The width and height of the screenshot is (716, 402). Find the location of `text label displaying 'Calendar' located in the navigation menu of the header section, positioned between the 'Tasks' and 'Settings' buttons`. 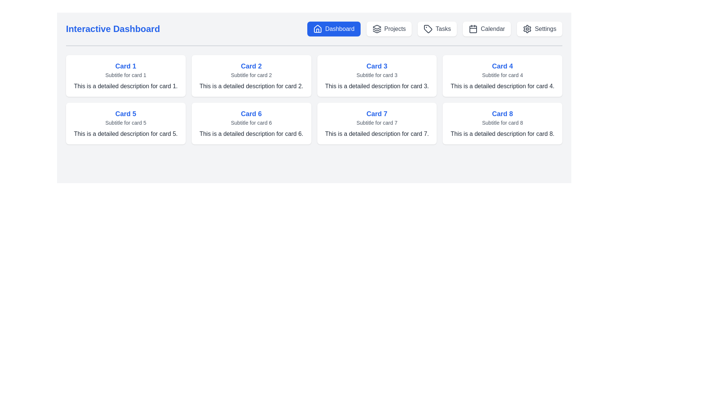

text label displaying 'Calendar' located in the navigation menu of the header section, positioned between the 'Tasks' and 'Settings' buttons is located at coordinates (493, 28).